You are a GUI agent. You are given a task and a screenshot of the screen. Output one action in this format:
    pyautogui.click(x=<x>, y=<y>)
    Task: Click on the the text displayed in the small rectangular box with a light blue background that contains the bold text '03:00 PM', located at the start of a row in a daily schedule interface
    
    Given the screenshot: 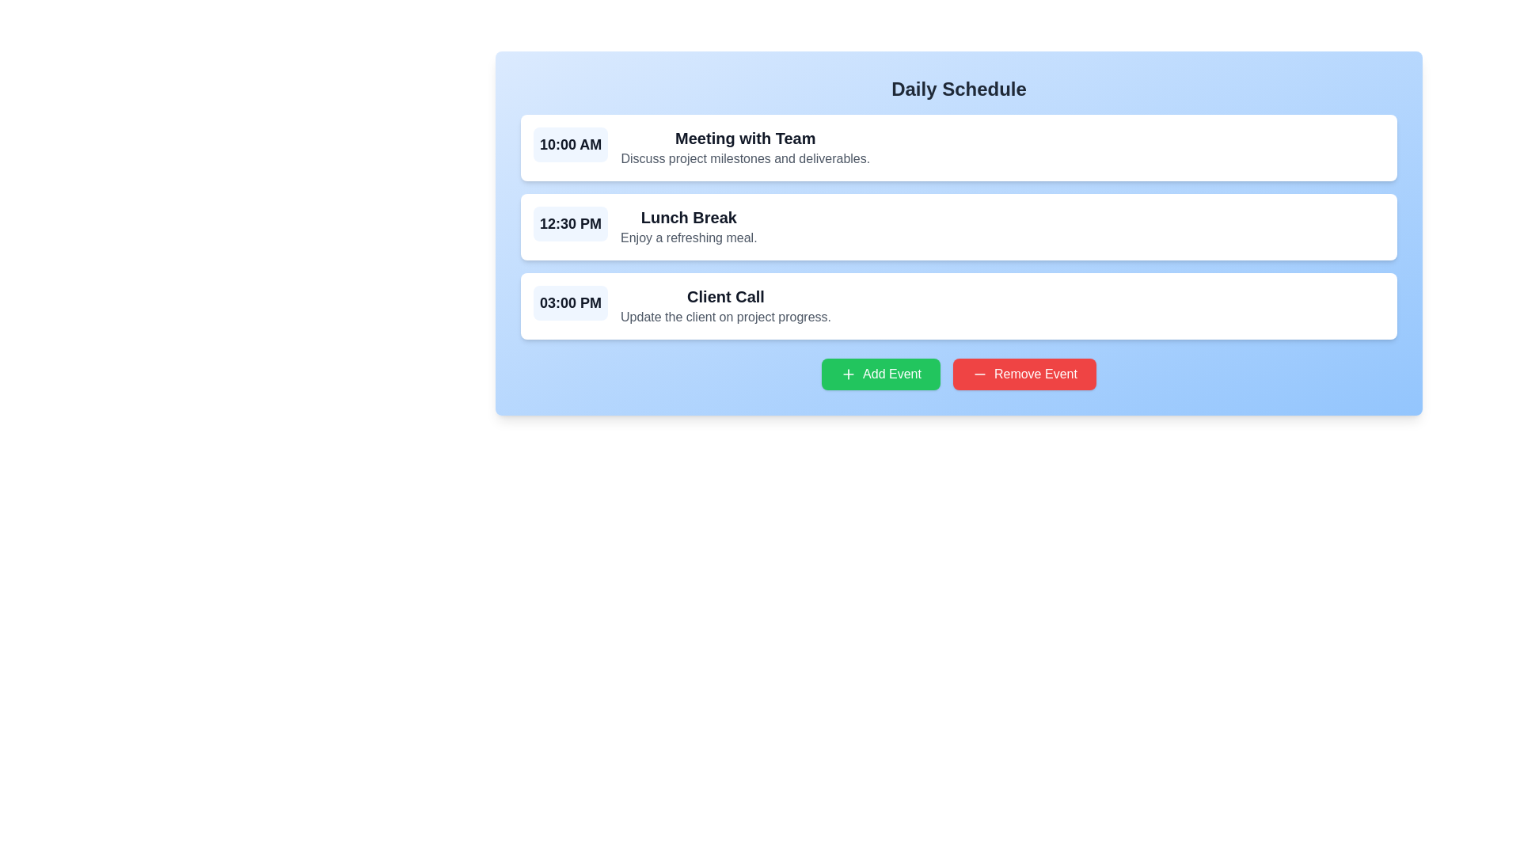 What is the action you would take?
    pyautogui.click(x=570, y=302)
    